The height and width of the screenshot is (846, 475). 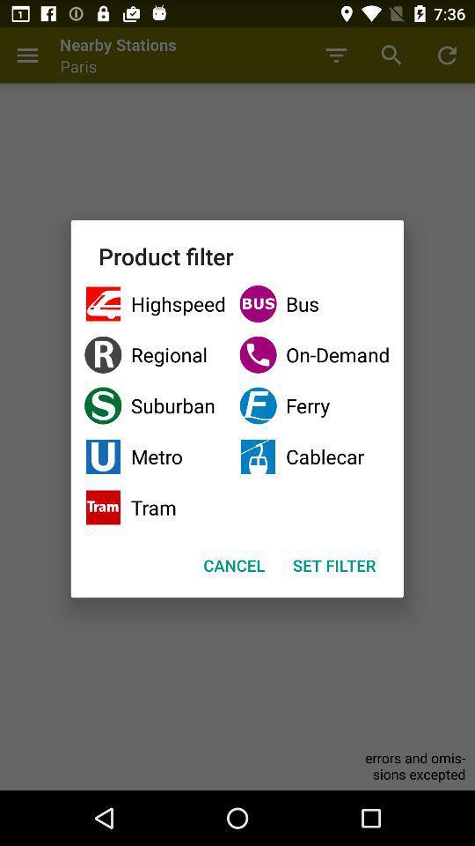 What do you see at coordinates (155, 508) in the screenshot?
I see `icon next to the cablecar checkbox` at bounding box center [155, 508].